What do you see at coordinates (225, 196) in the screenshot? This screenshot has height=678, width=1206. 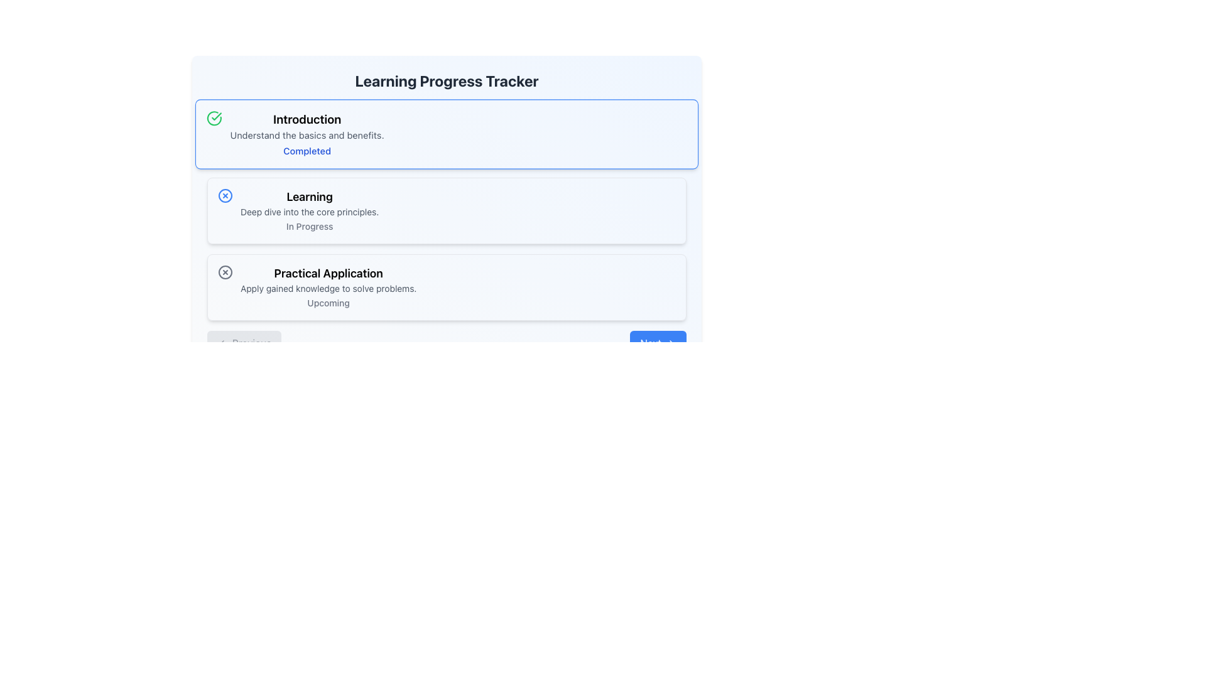 I see `the Visual Indicator icon that indicates 'In Progress' located to the left of the 'Learning' text in the second card` at bounding box center [225, 196].